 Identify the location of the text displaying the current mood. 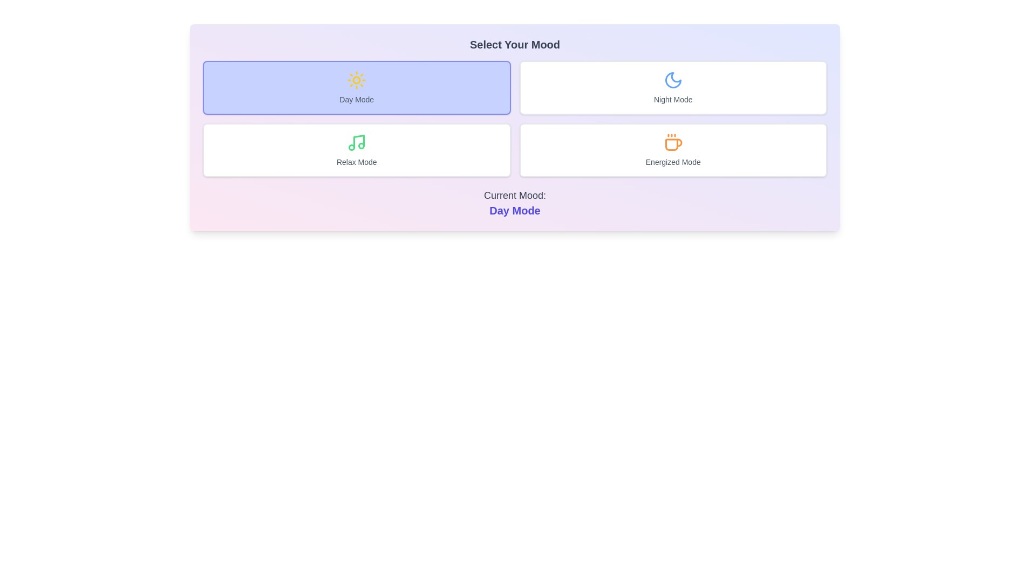
(514, 210).